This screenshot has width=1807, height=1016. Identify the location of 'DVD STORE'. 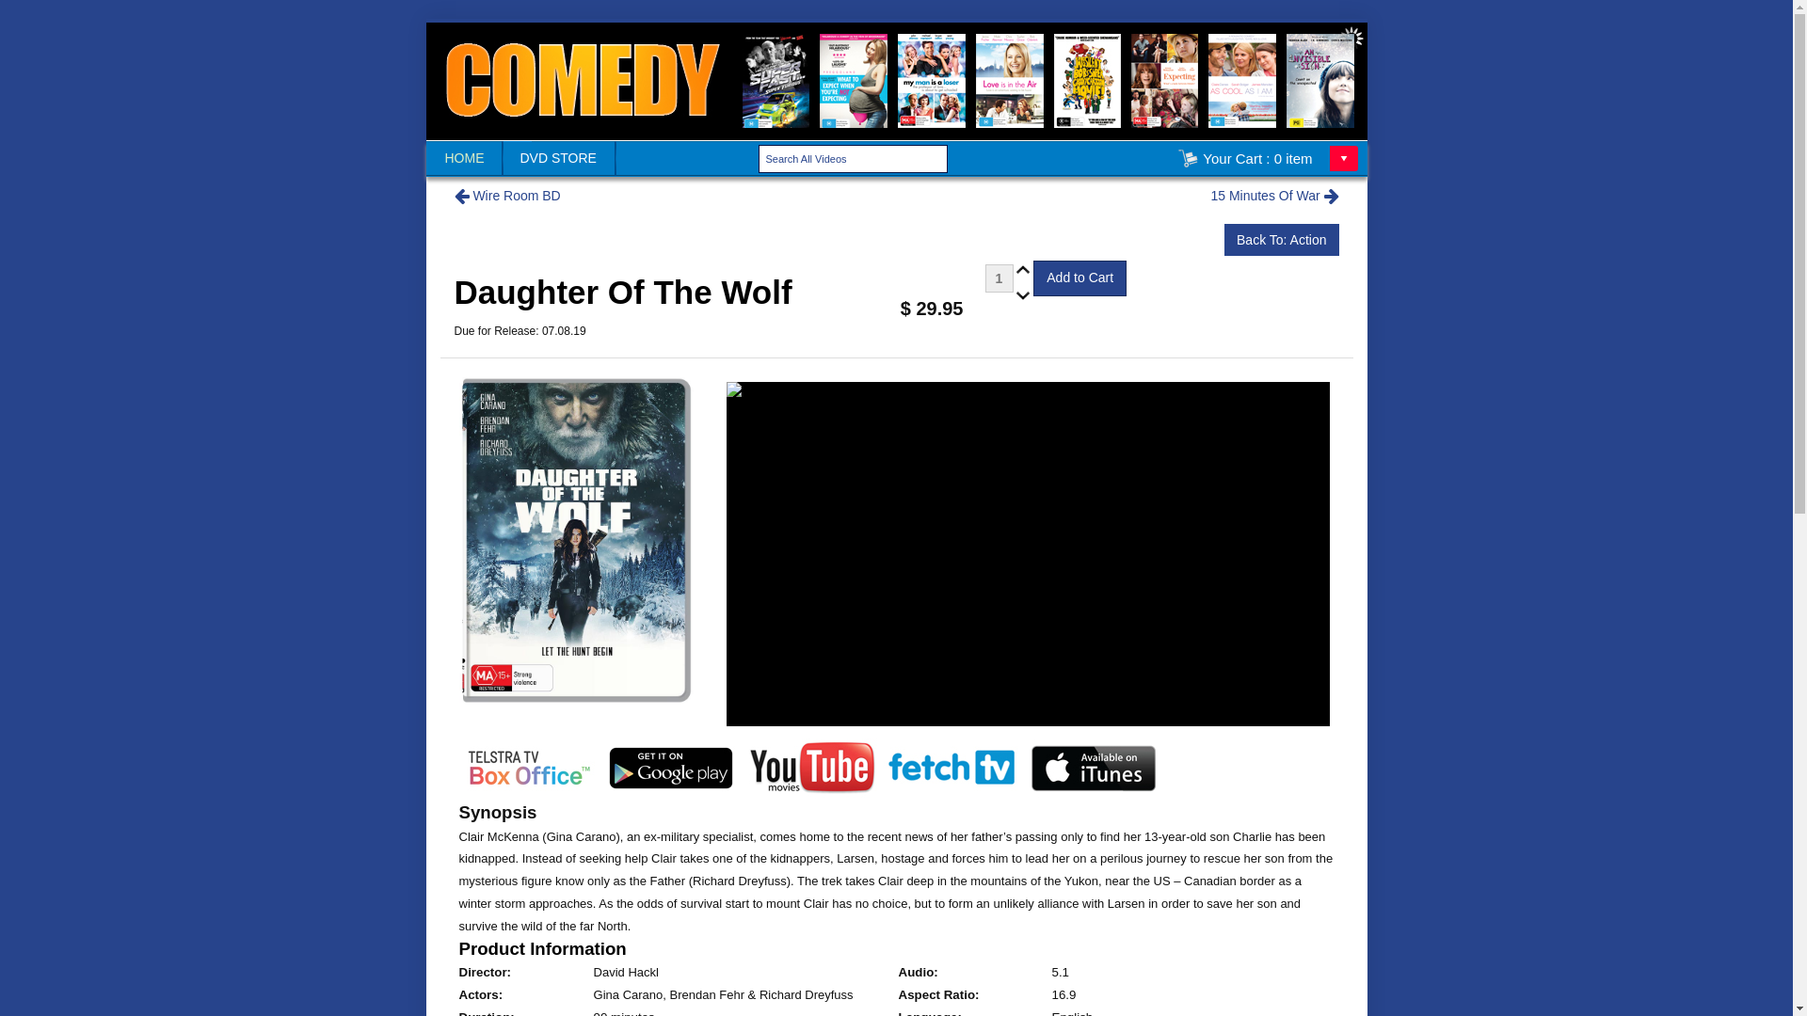
(558, 157).